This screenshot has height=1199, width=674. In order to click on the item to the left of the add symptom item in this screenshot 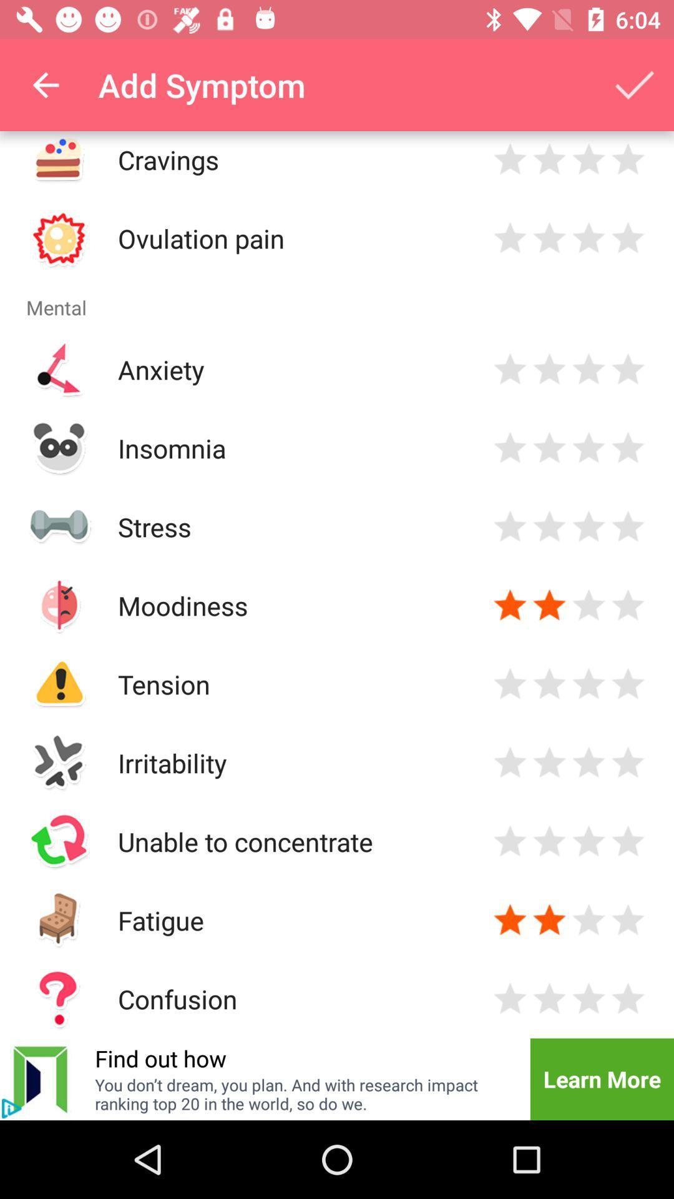, I will do `click(45, 84)`.